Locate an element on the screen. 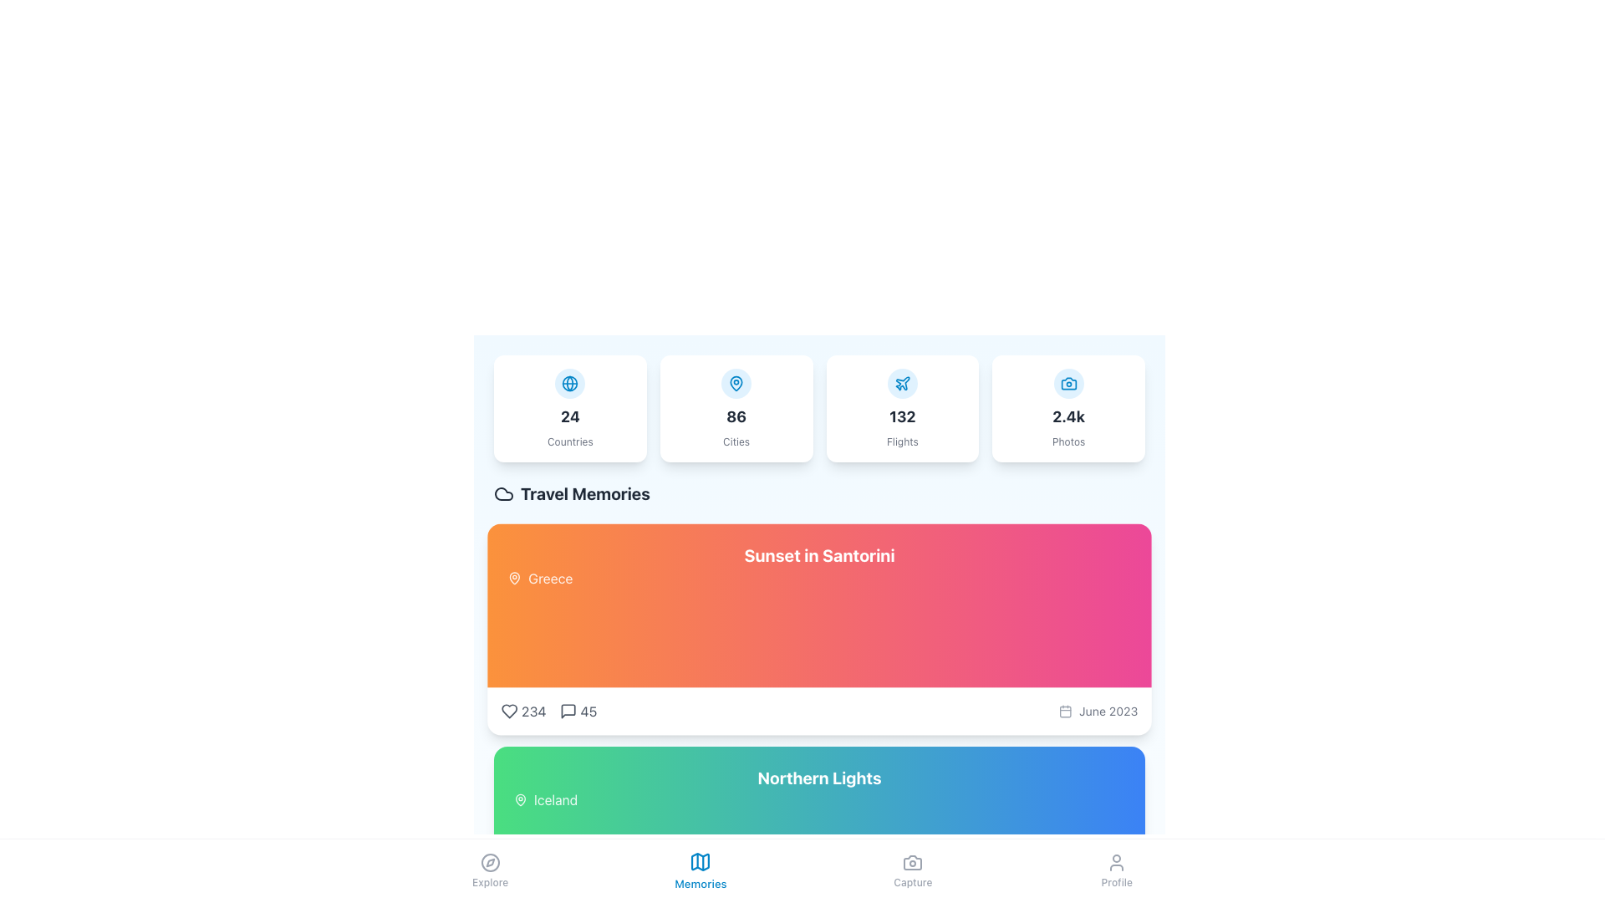  the Informational Card displaying the blue circular plane icon, bold number '132', and gray label 'Flights', located in the third position of the grid is located at coordinates (901, 409).